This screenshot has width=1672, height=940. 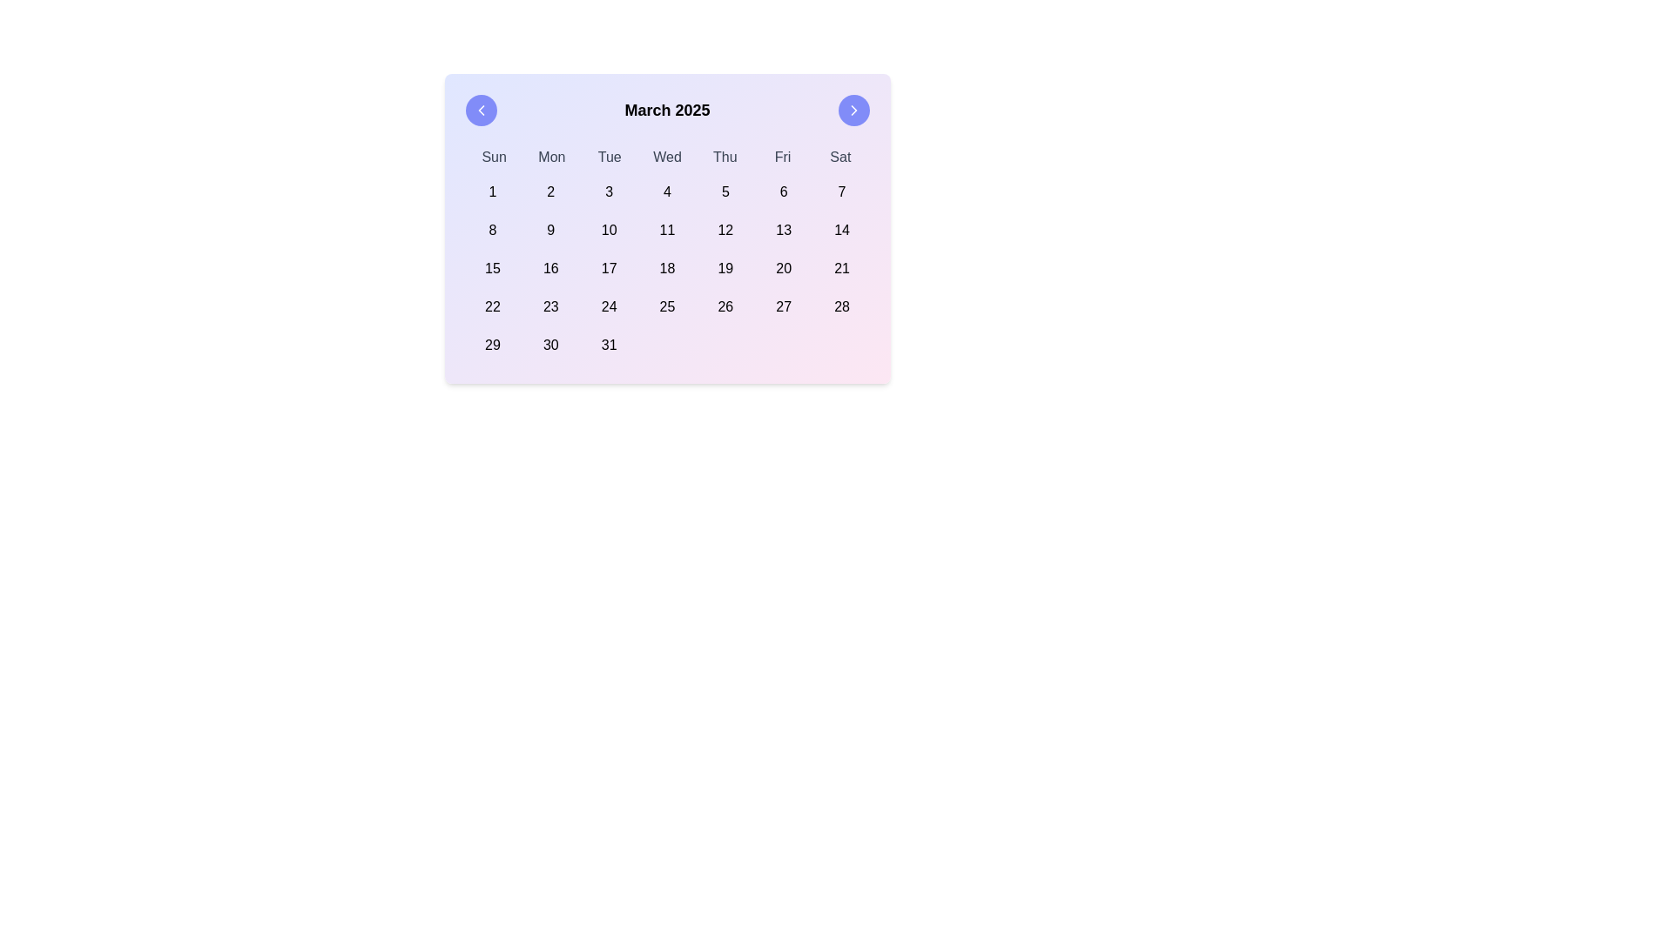 What do you see at coordinates (549, 268) in the screenshot?
I see `the button representing the 16th day of the currently displayed month in the calendar interface` at bounding box center [549, 268].